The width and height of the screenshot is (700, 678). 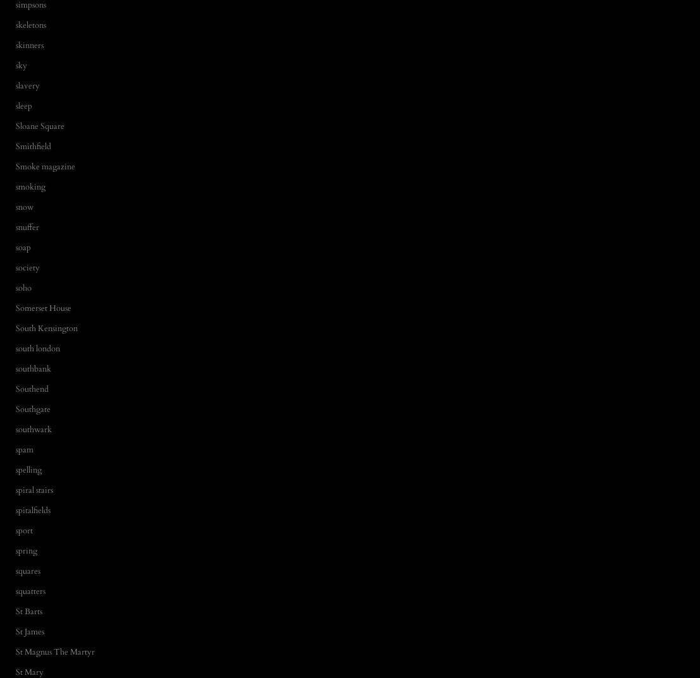 I want to click on 'Sloane Square', so click(x=39, y=126).